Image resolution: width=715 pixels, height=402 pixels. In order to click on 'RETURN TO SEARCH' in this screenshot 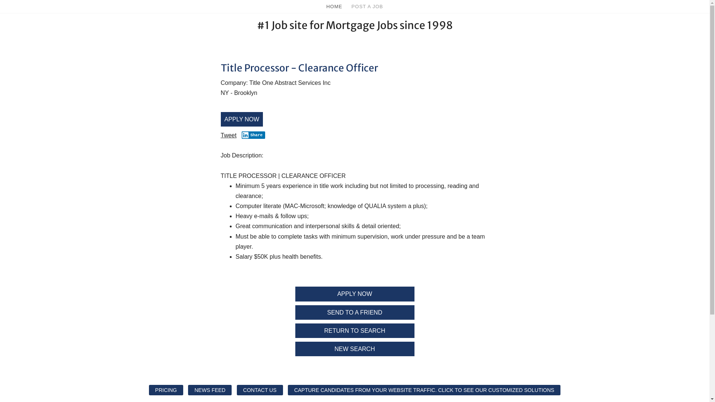, I will do `click(354, 330)`.